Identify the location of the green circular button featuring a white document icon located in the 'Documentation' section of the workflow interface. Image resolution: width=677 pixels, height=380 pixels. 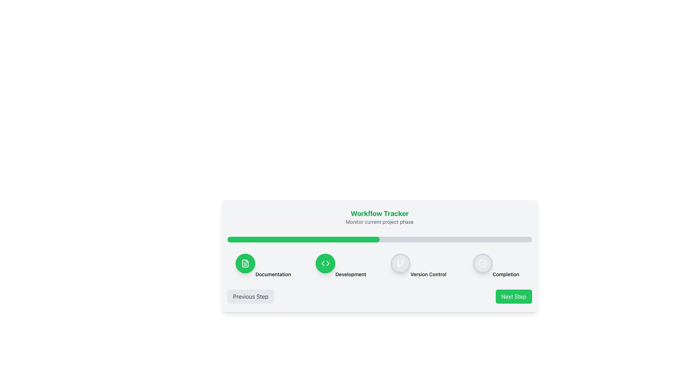
(245, 263).